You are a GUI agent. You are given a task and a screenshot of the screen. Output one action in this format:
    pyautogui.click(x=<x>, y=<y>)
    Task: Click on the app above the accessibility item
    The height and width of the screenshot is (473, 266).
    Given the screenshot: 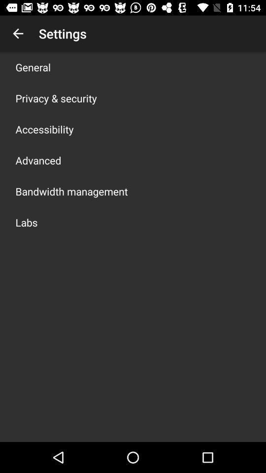 What is the action you would take?
    pyautogui.click(x=56, y=98)
    